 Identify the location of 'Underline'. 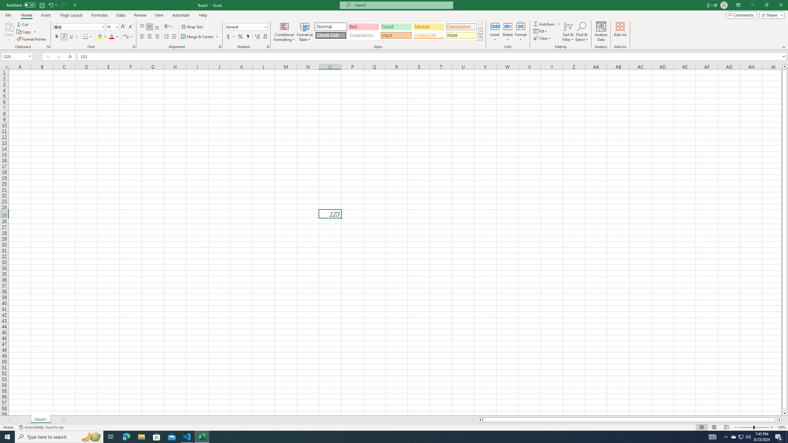
(71, 36).